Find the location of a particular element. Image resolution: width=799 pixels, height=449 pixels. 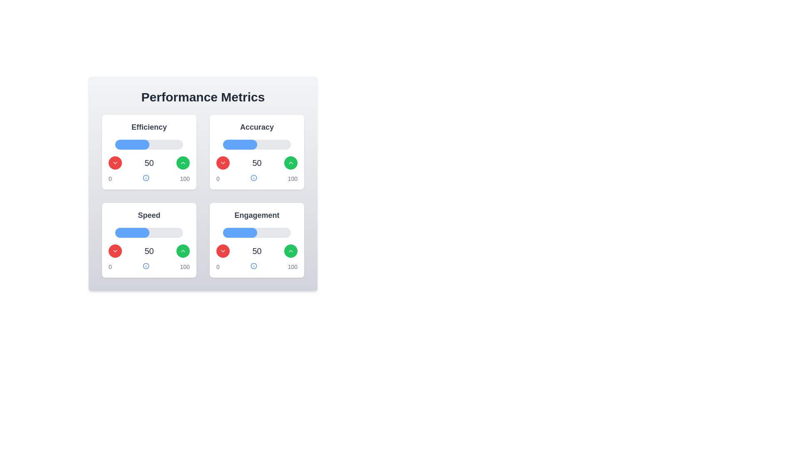

the static text label indicating a numerical value located in the lower-left card of a 2x2 grid layout, positioned between a red circular button with a downward arrow and a green circular button with an upward arrow is located at coordinates (149, 251).